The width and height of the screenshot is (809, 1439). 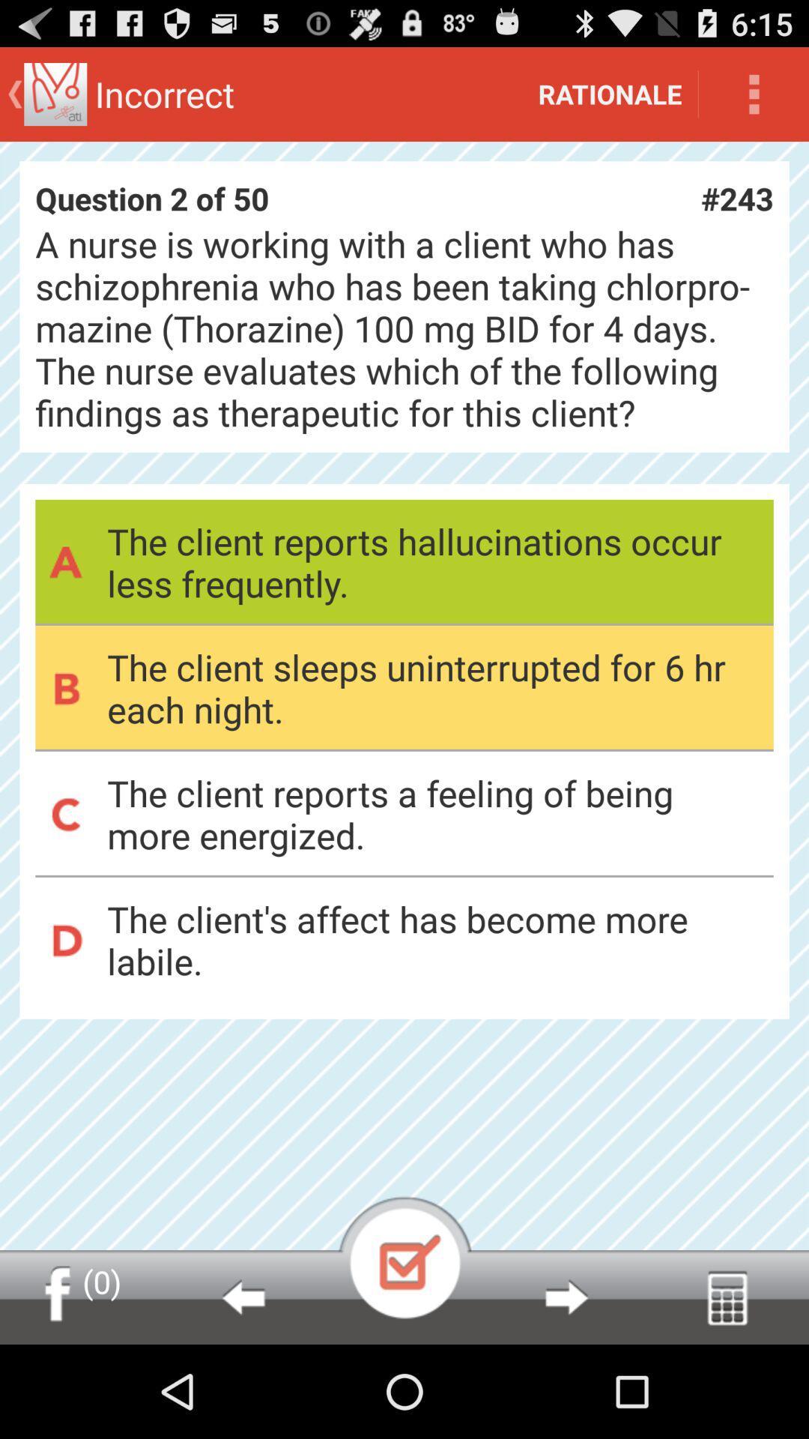 I want to click on the delete icon, so click(x=727, y=1387).